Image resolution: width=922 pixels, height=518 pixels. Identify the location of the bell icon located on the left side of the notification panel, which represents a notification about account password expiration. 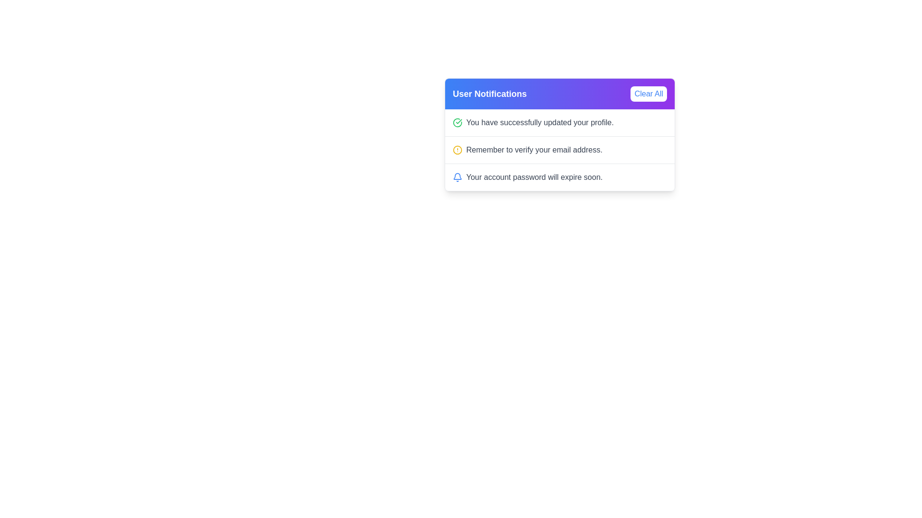
(457, 177).